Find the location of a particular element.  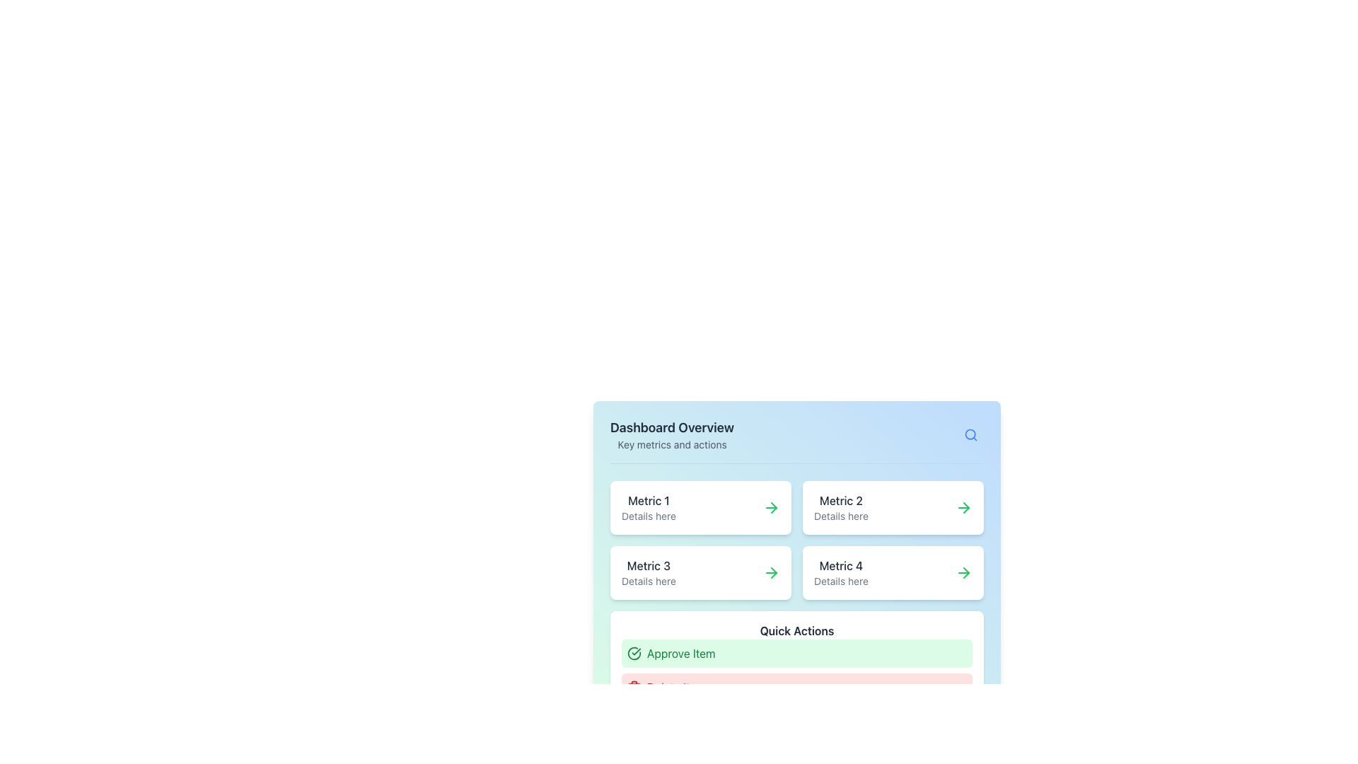

information displayed in the Text block labeled 'Metric 2' with the details below it that say 'Details here' is located at coordinates (841, 507).